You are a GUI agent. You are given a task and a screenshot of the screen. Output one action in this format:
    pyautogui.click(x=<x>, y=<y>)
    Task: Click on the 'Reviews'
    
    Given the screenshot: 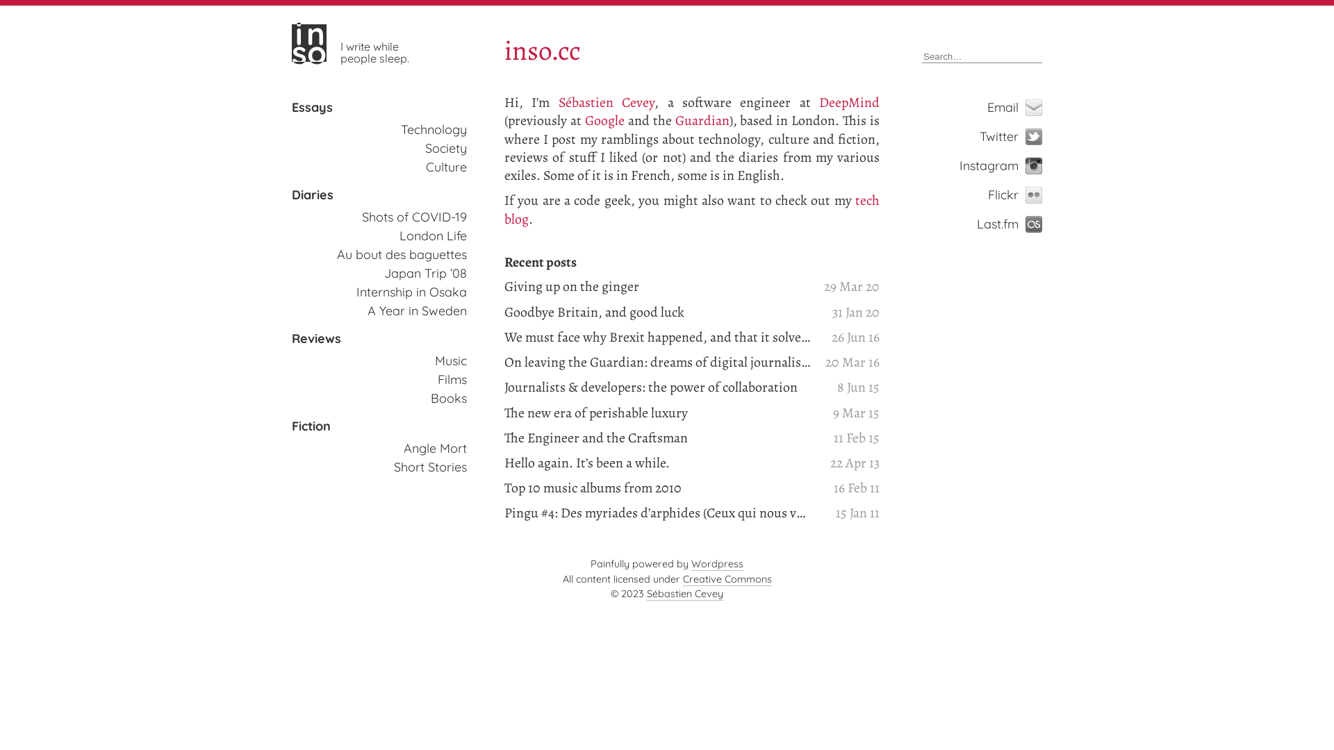 What is the action you would take?
    pyautogui.click(x=315, y=339)
    